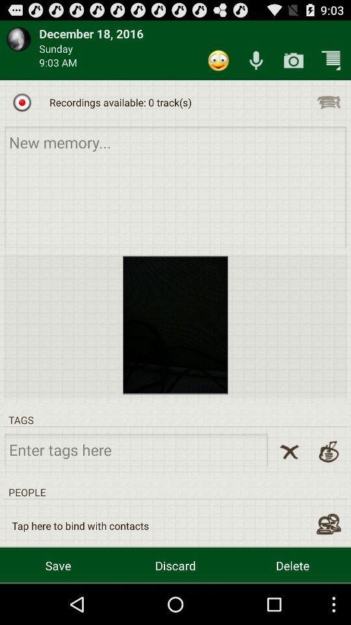 The image size is (351, 625). What do you see at coordinates (175, 186) in the screenshot?
I see `write new memory` at bounding box center [175, 186].